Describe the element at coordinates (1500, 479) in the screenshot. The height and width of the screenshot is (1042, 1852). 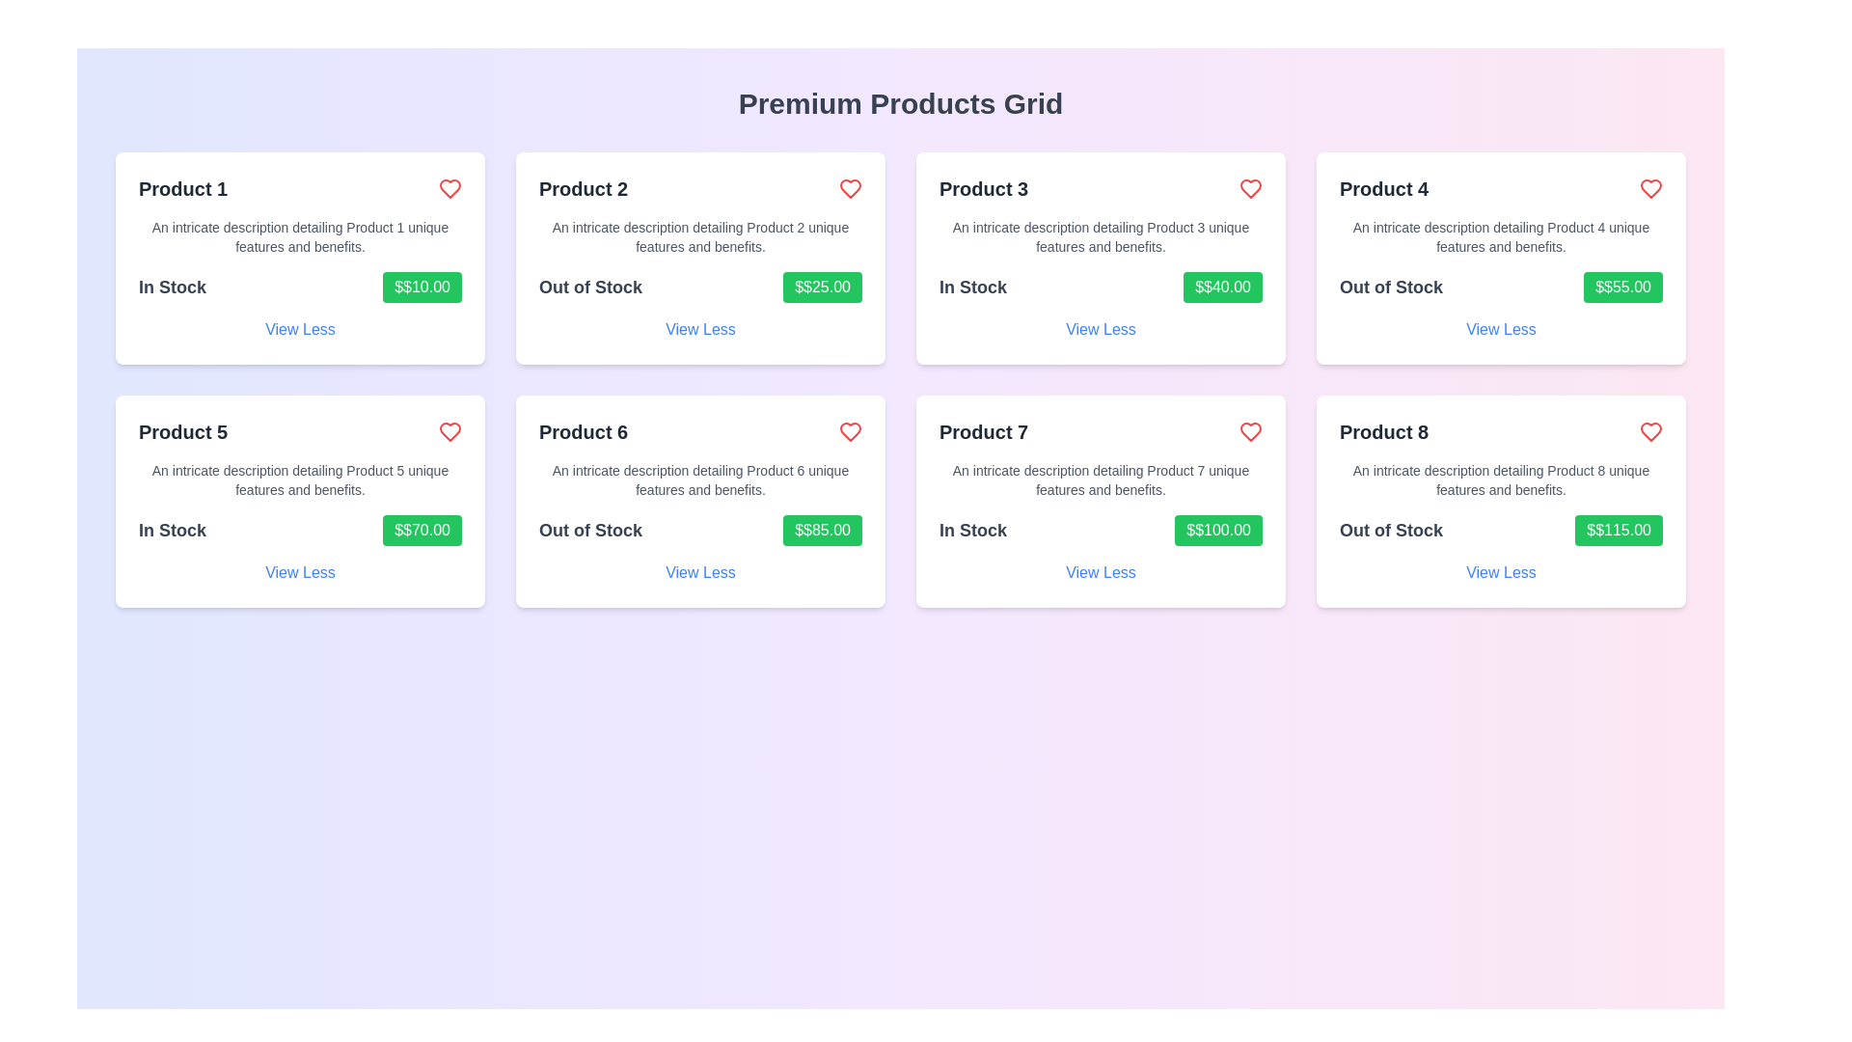
I see `descriptive text block that provides details about the features and benefits of 'Product 8', located centered within the card below the title and icon elements` at that location.